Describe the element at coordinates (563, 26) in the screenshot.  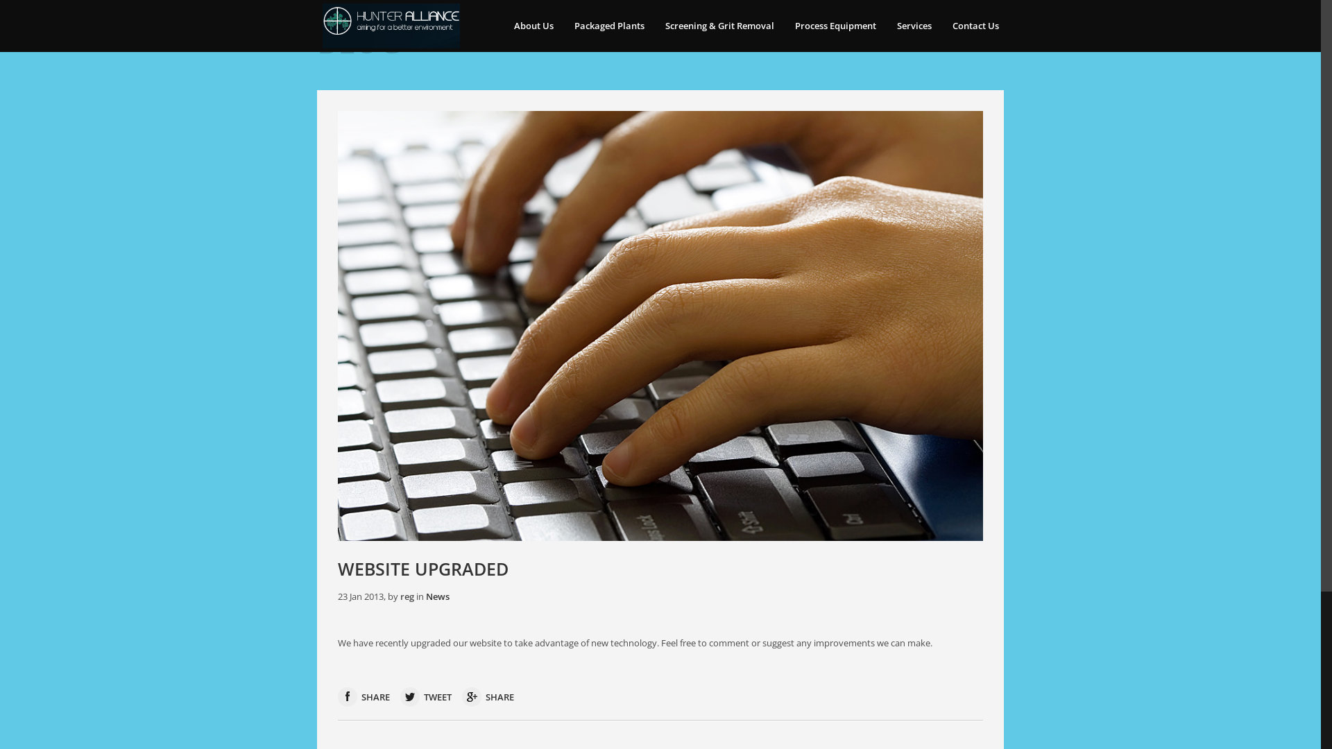
I see `'Packaged Plants'` at that location.